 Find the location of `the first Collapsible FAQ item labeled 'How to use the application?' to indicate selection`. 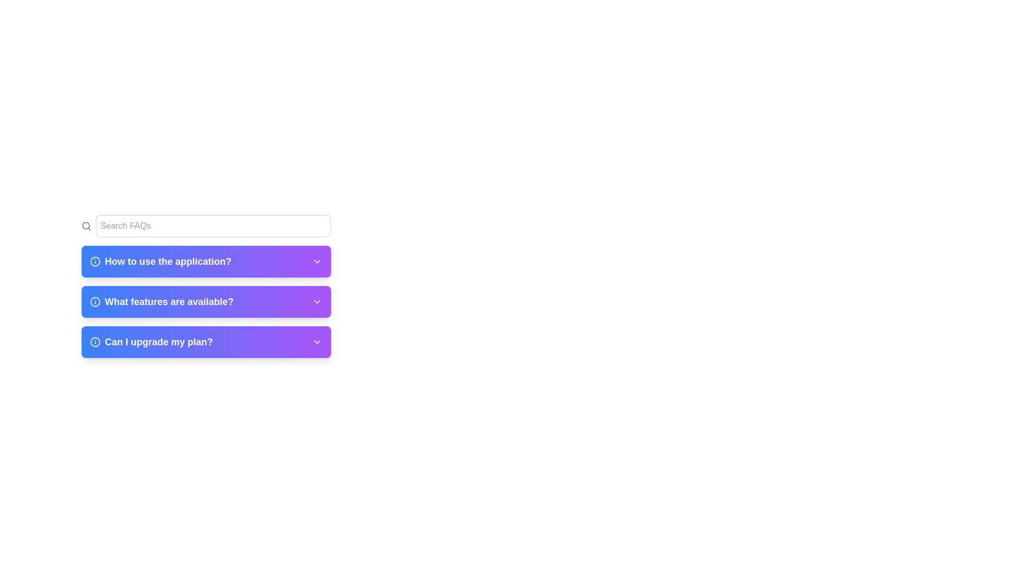

the first Collapsible FAQ item labeled 'How to use the application?' to indicate selection is located at coordinates (206, 261).